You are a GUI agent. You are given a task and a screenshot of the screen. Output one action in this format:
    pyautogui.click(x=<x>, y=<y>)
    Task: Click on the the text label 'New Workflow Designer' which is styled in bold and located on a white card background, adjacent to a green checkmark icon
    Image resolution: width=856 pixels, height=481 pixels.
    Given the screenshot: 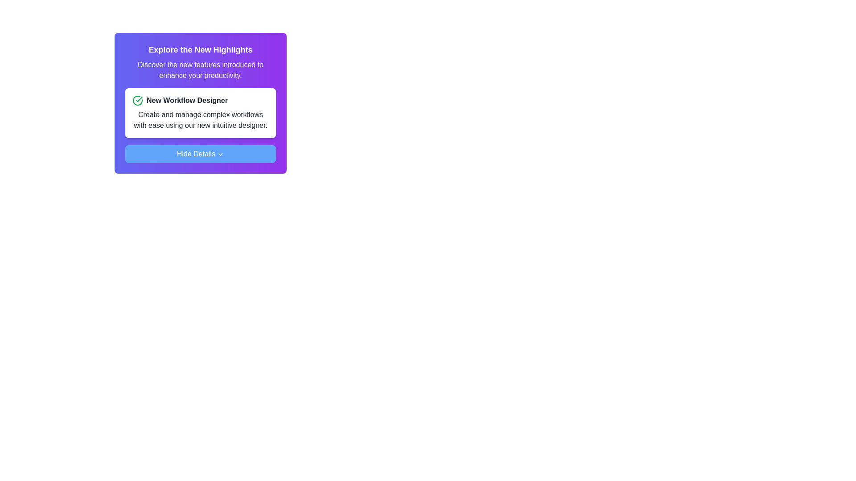 What is the action you would take?
    pyautogui.click(x=186, y=100)
    